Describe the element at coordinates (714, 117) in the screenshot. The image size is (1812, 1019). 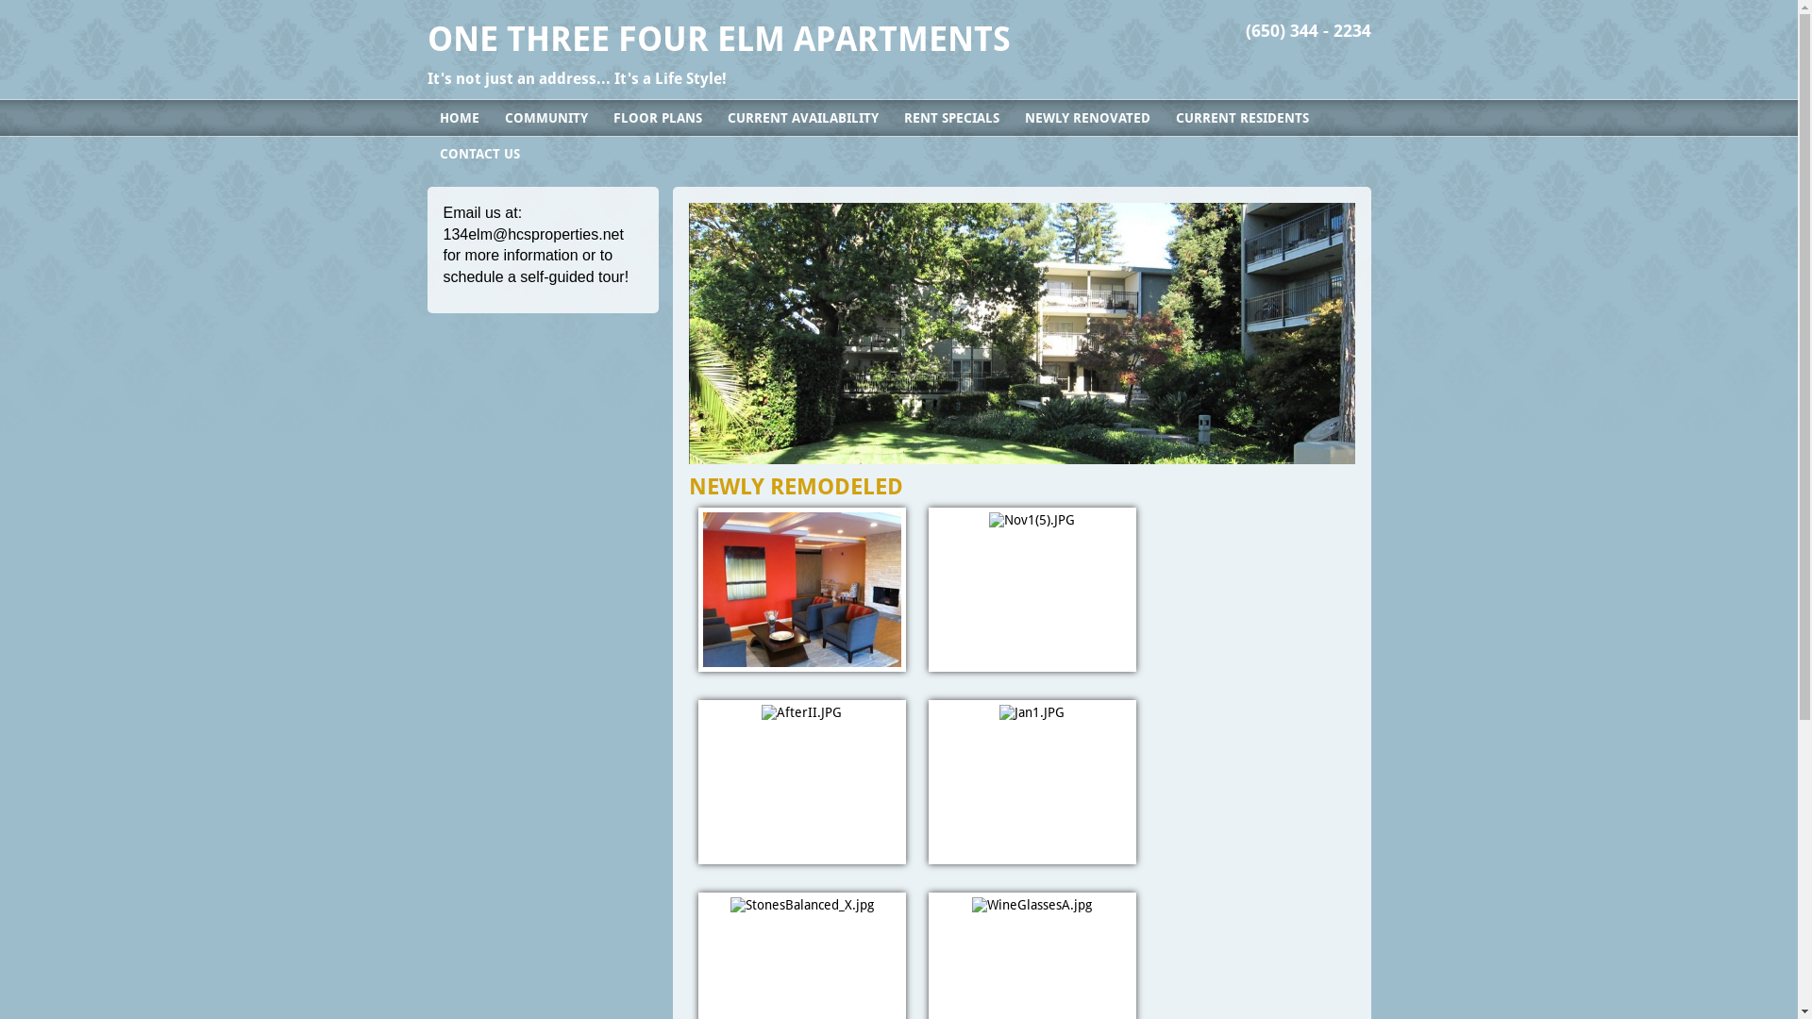
I see `'CURRENT AVAILABILITY'` at that location.